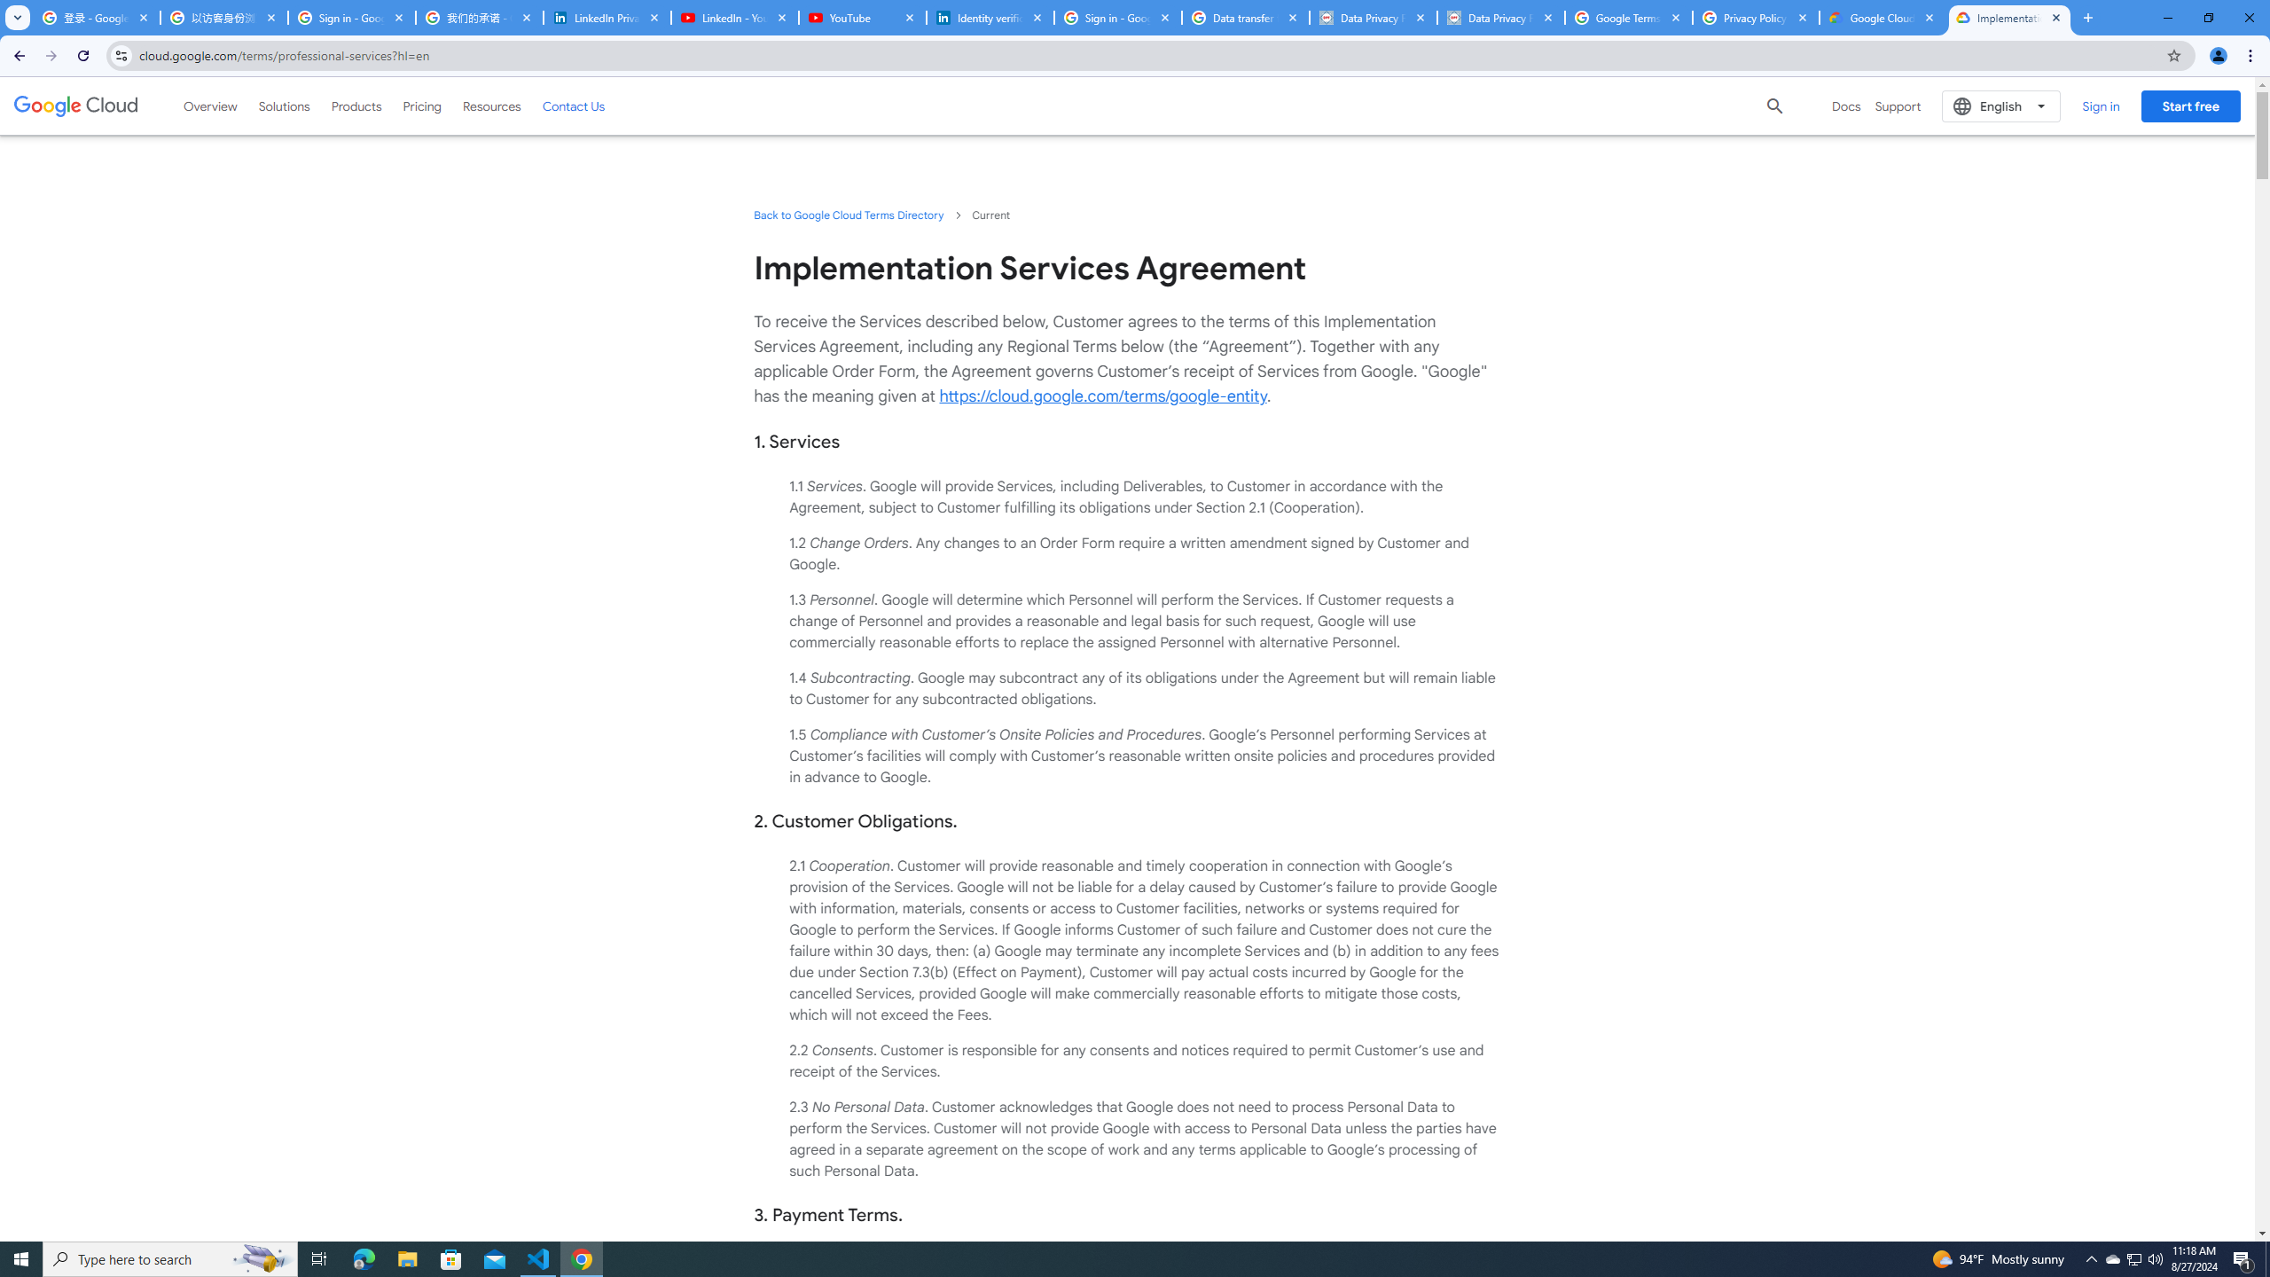 The height and width of the screenshot is (1277, 2270). Describe the element at coordinates (2009, 17) in the screenshot. I see `'Implementation Services Agreement | Google Cloud'` at that location.